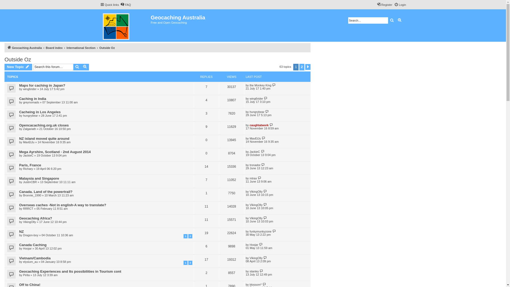  What do you see at coordinates (46, 192) in the screenshot?
I see `'Canada. Land of the powertrail?'` at bounding box center [46, 192].